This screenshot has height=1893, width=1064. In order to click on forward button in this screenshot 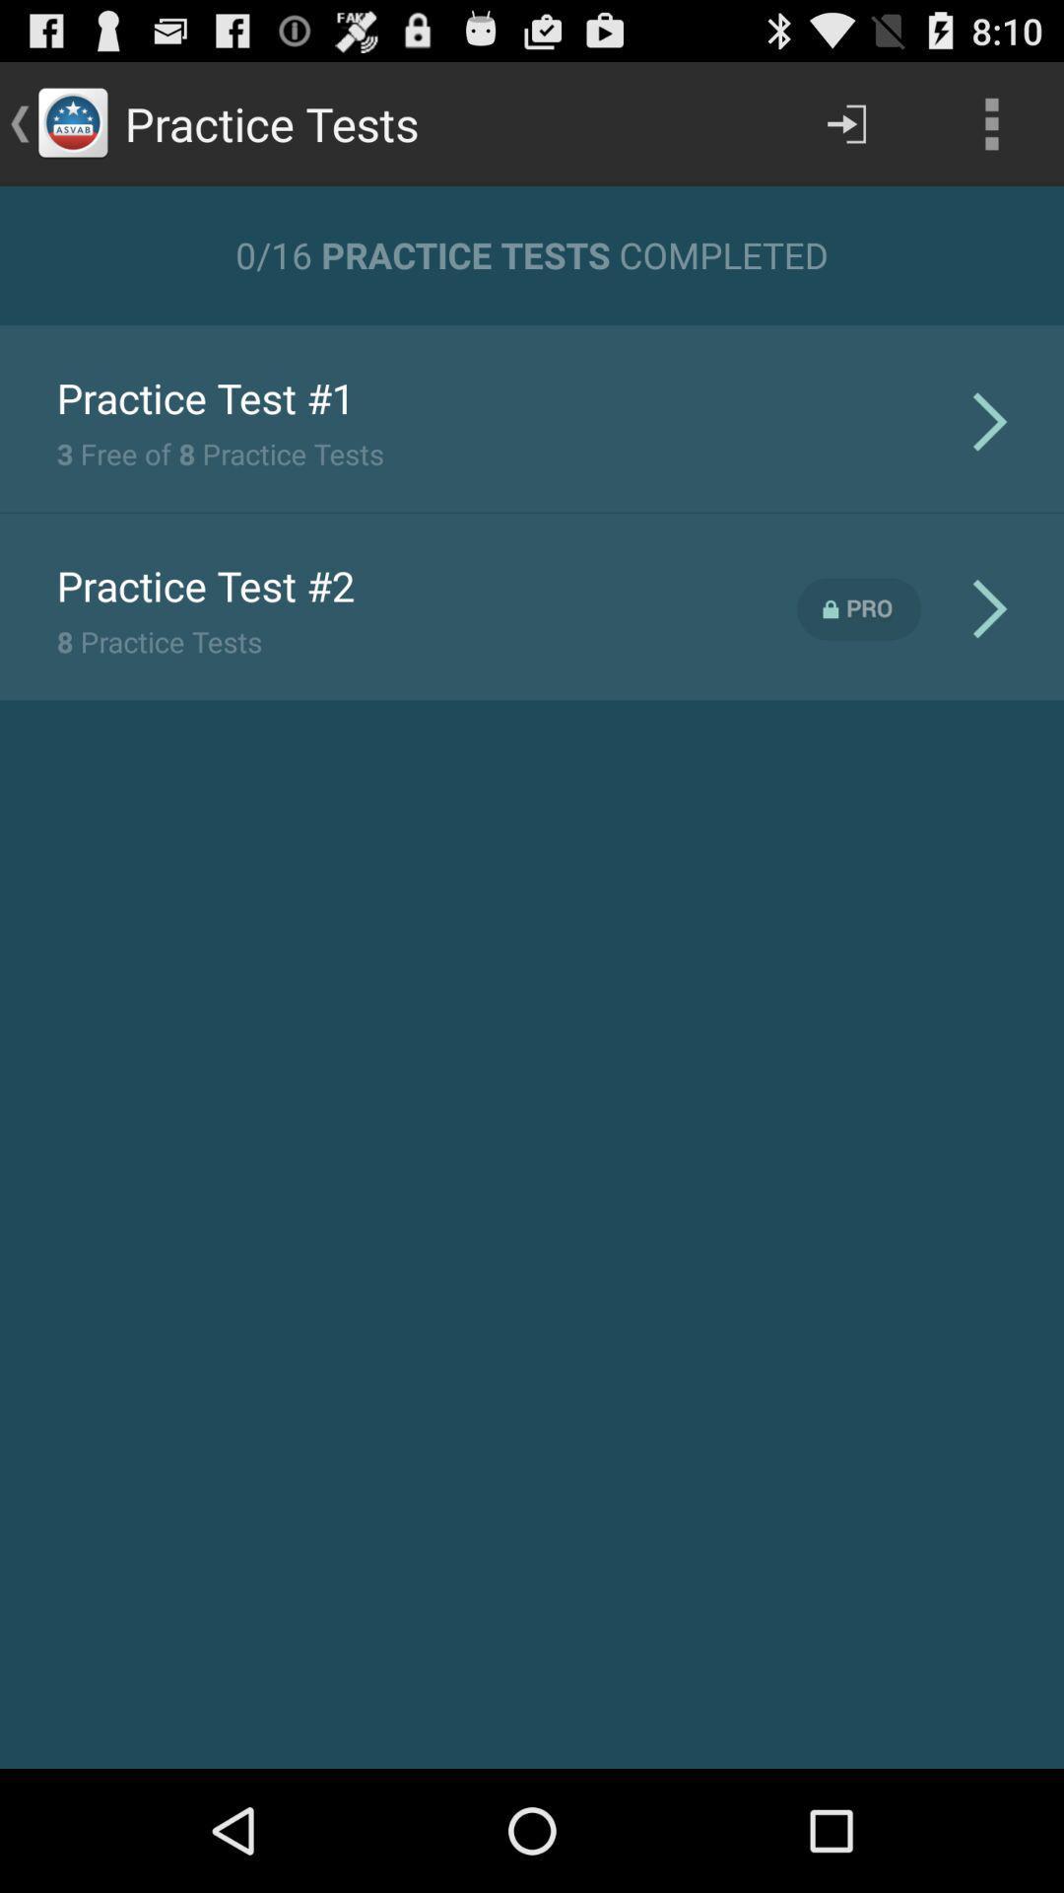, I will do `click(845, 122)`.